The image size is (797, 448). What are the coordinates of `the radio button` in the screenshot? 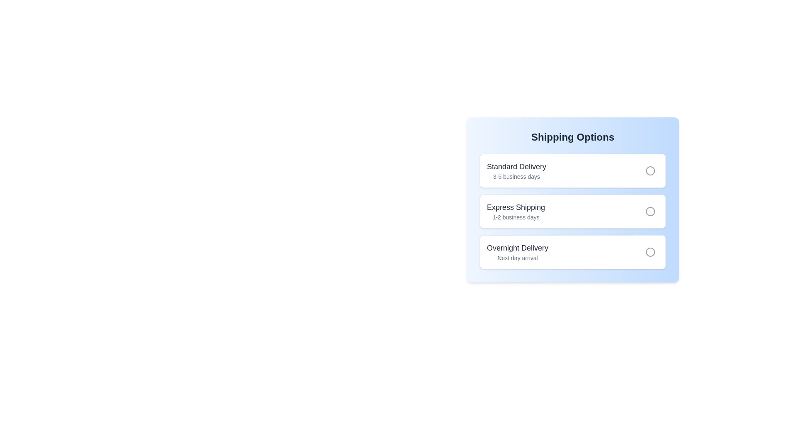 It's located at (572, 252).